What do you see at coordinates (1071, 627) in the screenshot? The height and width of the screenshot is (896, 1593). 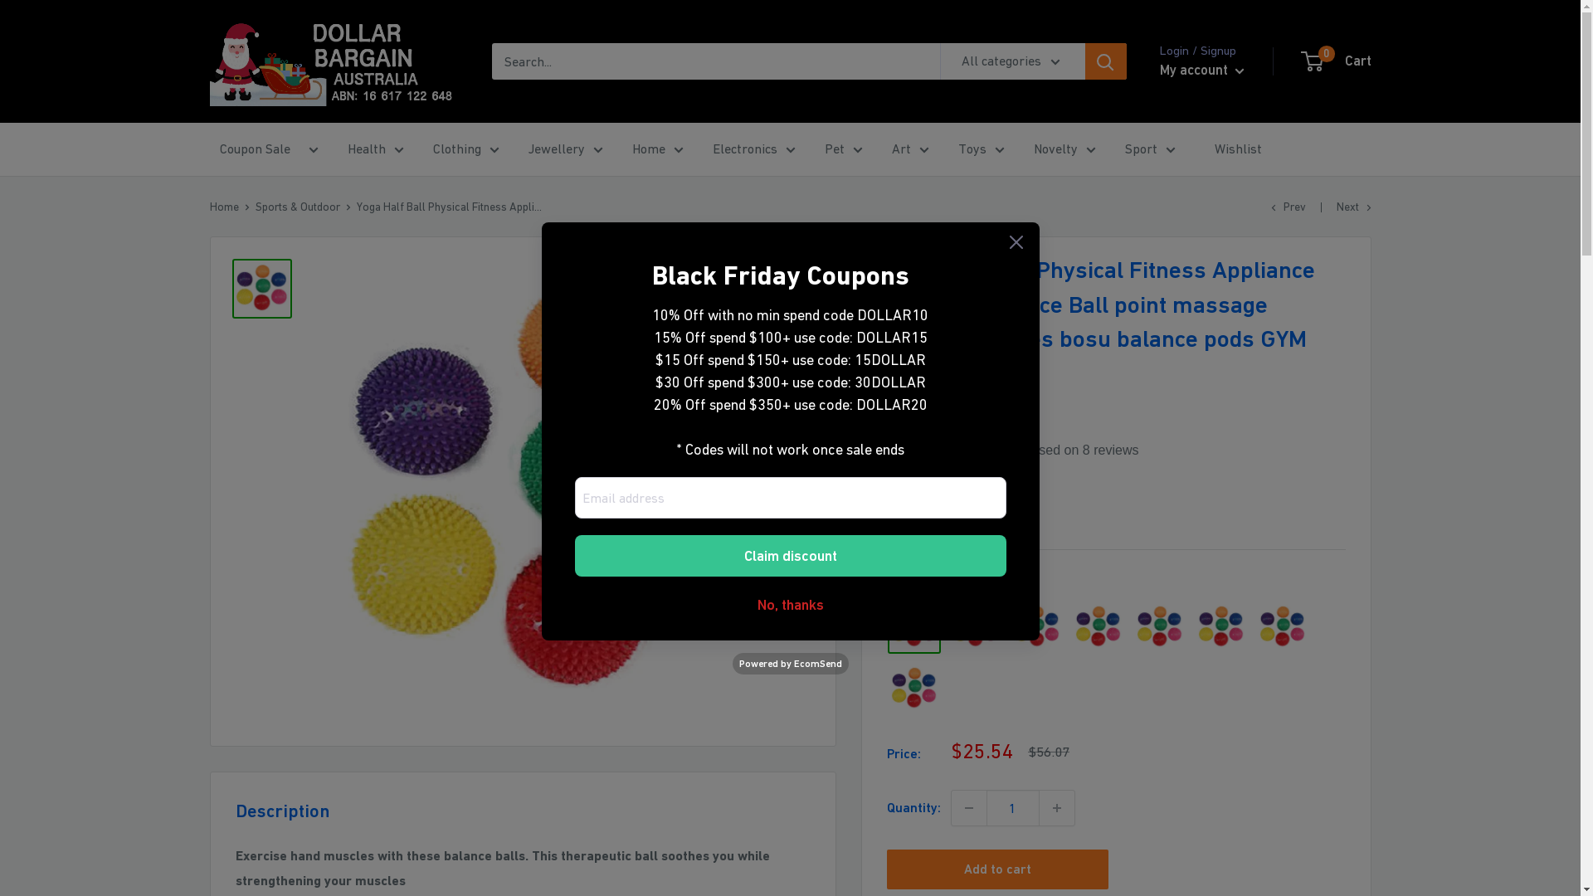 I see `'Orange'` at bounding box center [1071, 627].